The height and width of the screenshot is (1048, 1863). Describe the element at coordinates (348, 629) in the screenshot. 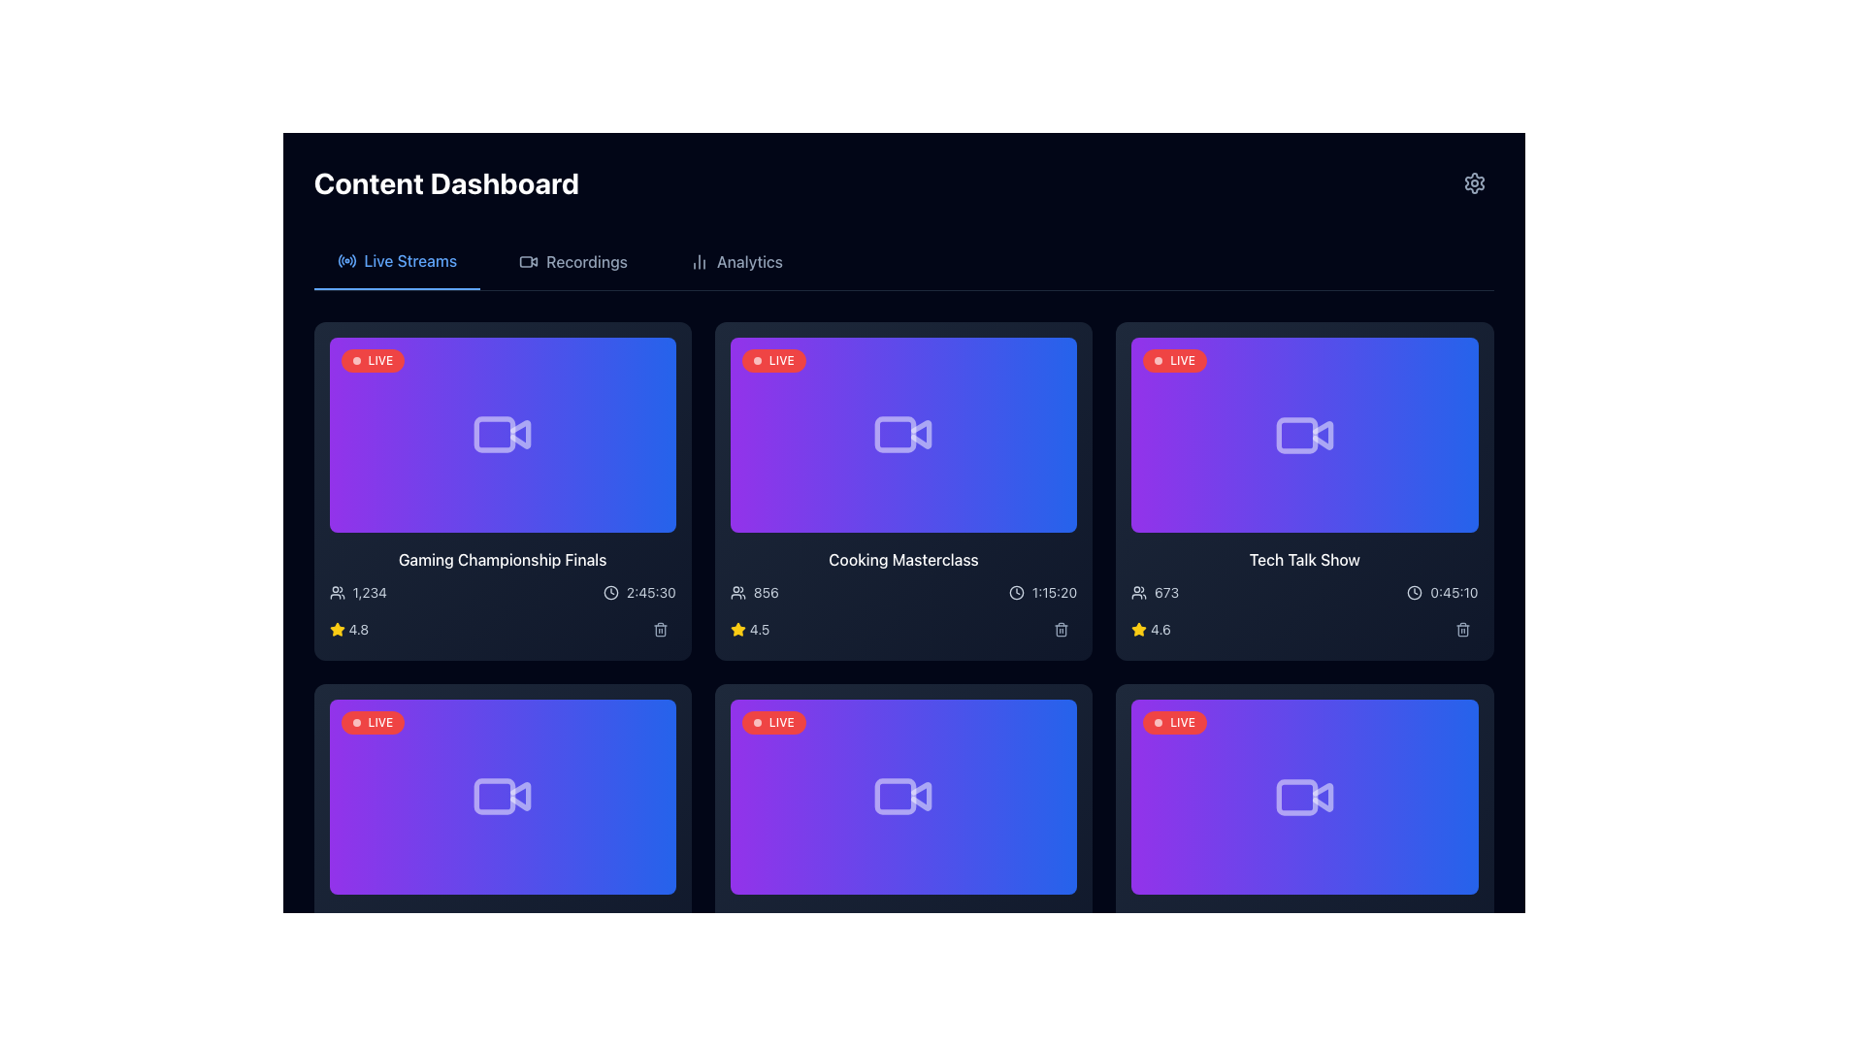

I see `the text label that displays the numeric rating value adjacent to a star-shaped icon in the bottom-left corner of the live stream card titled 'Gaming Championship Finals'` at that location.